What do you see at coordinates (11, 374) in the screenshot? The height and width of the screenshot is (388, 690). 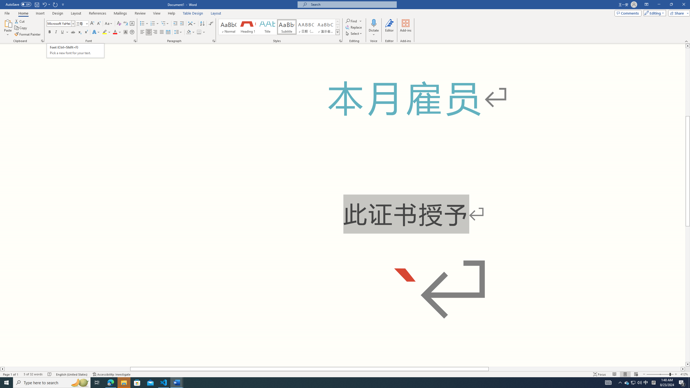 I see `'Page Number Page 1 of 1'` at bounding box center [11, 374].